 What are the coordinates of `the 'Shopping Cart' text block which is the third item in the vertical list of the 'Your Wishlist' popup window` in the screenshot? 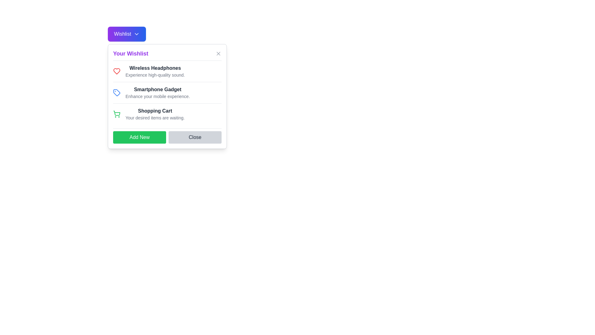 It's located at (155, 114).